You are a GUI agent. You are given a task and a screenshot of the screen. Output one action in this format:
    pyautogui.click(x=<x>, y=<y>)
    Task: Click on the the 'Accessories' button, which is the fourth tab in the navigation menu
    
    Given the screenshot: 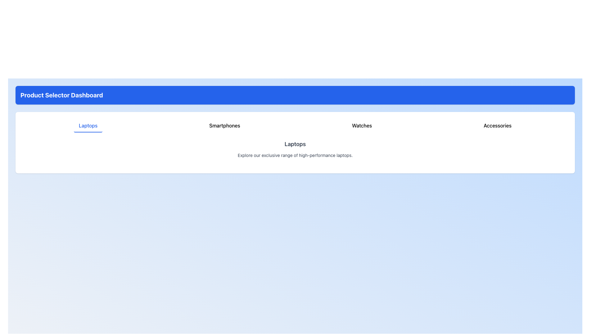 What is the action you would take?
    pyautogui.click(x=498, y=126)
    